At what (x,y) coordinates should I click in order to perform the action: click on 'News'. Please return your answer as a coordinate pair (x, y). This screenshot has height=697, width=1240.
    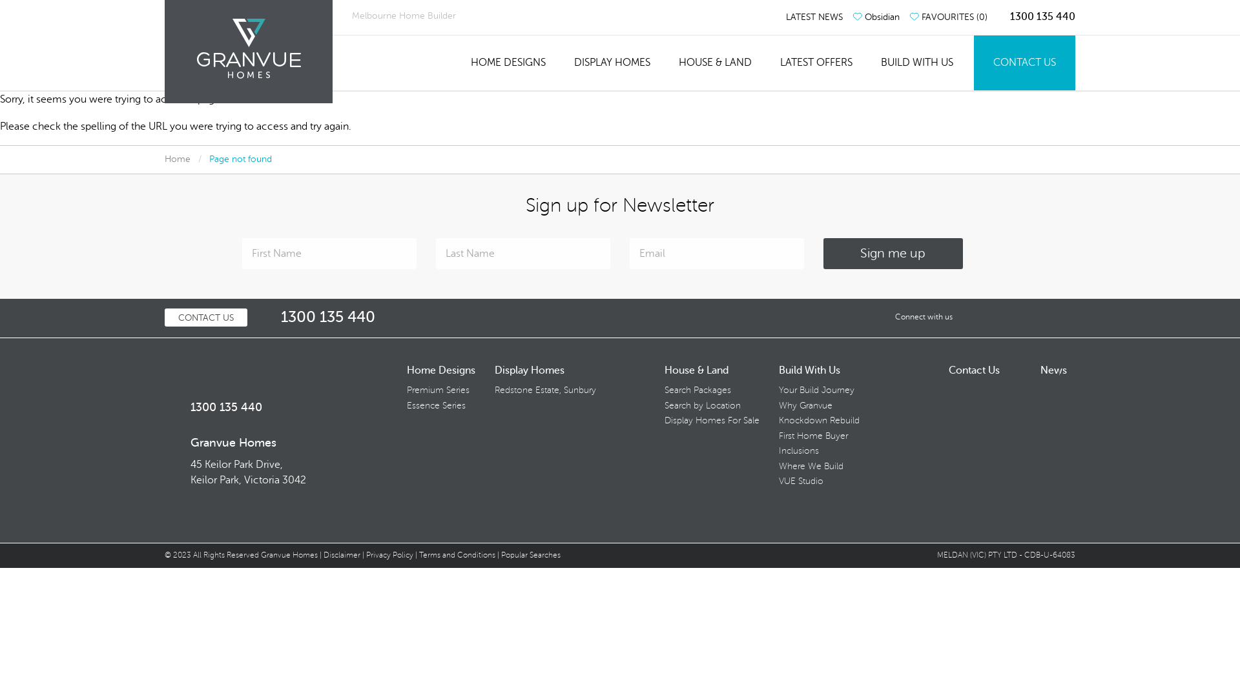
    Looking at the image, I should click on (1053, 370).